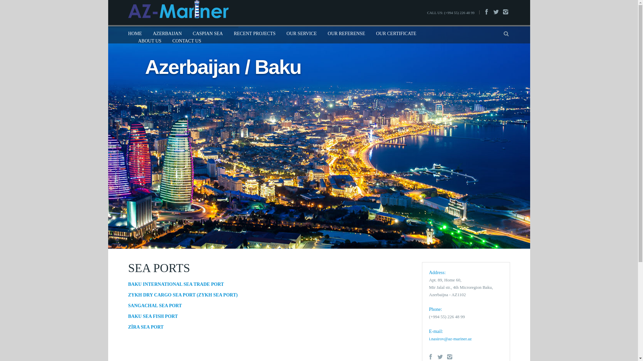 The width and height of the screenshot is (643, 361). What do you see at coordinates (167, 33) in the screenshot?
I see `'AZERBAIJAN'` at bounding box center [167, 33].